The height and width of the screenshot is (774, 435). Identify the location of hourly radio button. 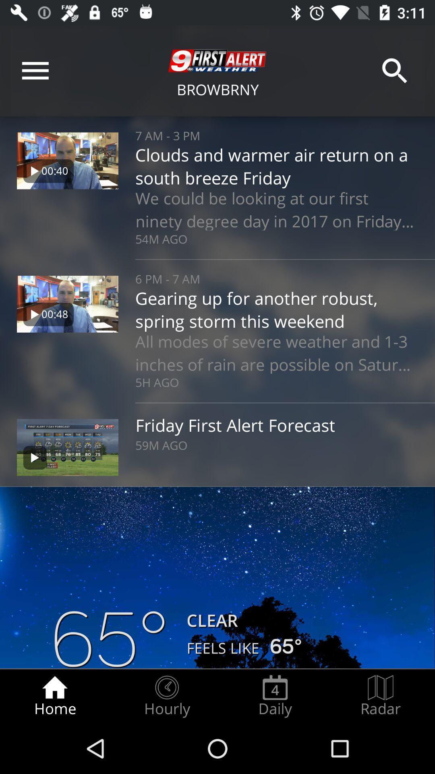
(166, 696).